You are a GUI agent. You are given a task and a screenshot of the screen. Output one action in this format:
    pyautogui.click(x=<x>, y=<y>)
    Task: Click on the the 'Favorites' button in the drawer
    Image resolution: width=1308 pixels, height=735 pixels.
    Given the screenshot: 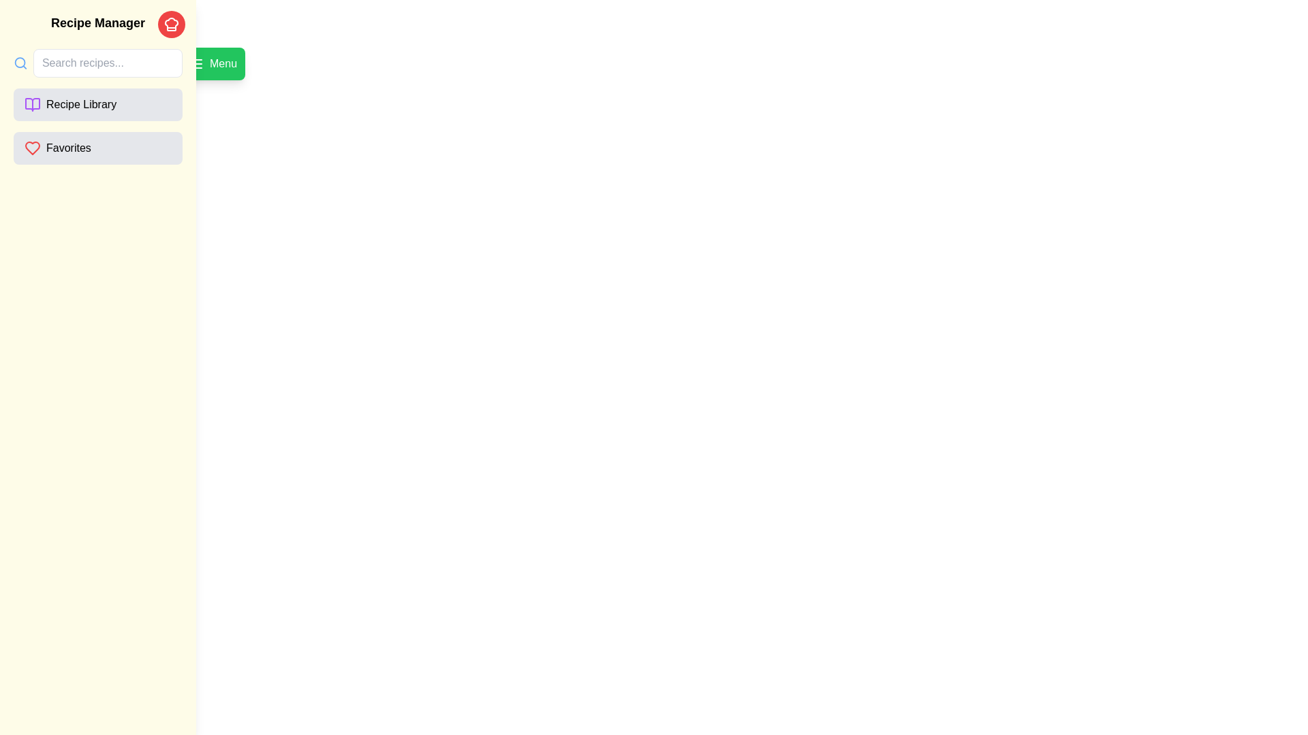 What is the action you would take?
    pyautogui.click(x=97, y=148)
    